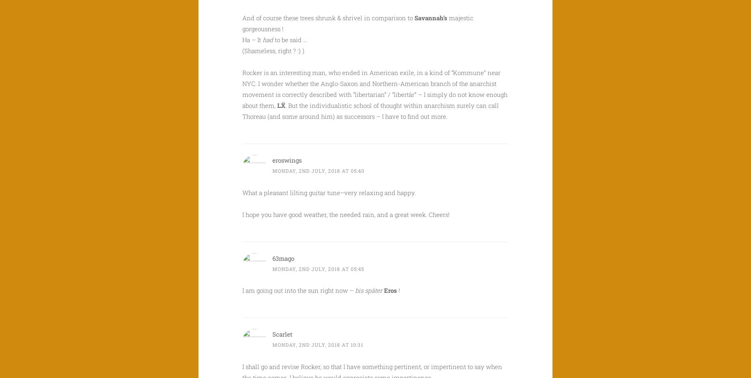  What do you see at coordinates (369, 290) in the screenshot?
I see `'bis später'` at bounding box center [369, 290].